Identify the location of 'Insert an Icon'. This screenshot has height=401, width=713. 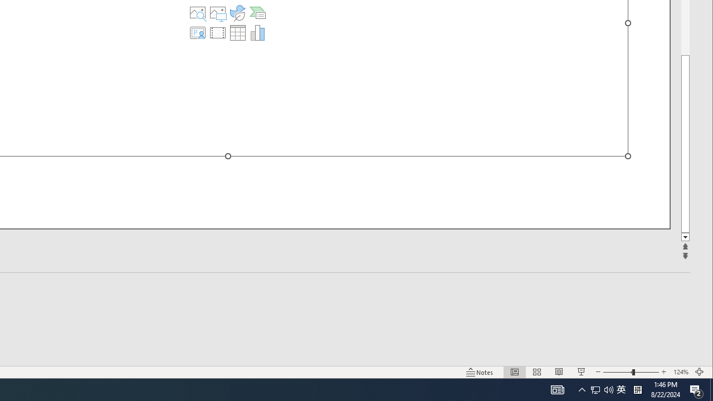
(237, 13).